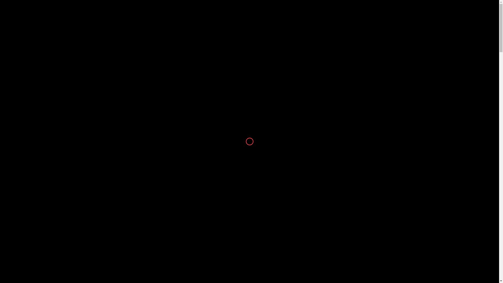 The image size is (503, 283). Describe the element at coordinates (101, 31) in the screenshot. I see `'Home'` at that location.